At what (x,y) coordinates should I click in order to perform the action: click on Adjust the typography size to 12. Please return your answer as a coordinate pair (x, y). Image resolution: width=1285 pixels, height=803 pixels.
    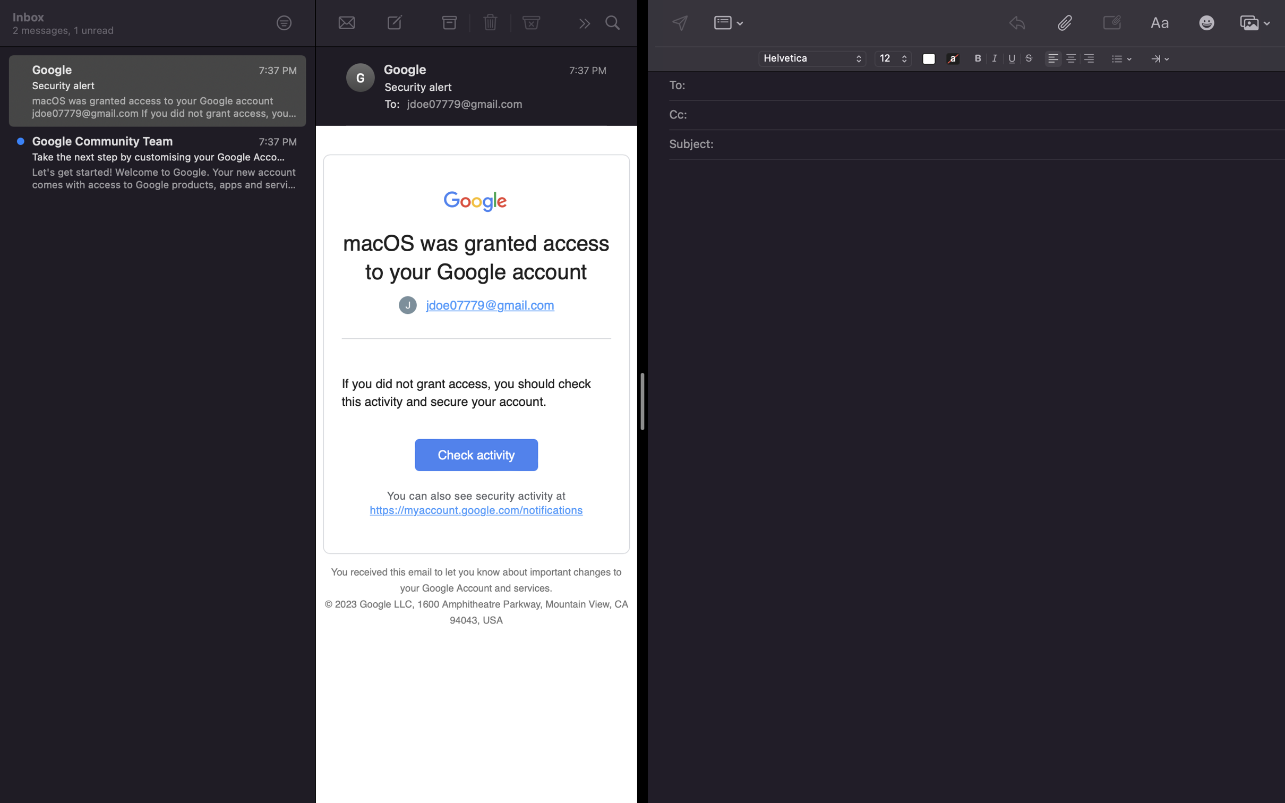
    Looking at the image, I should click on (893, 59).